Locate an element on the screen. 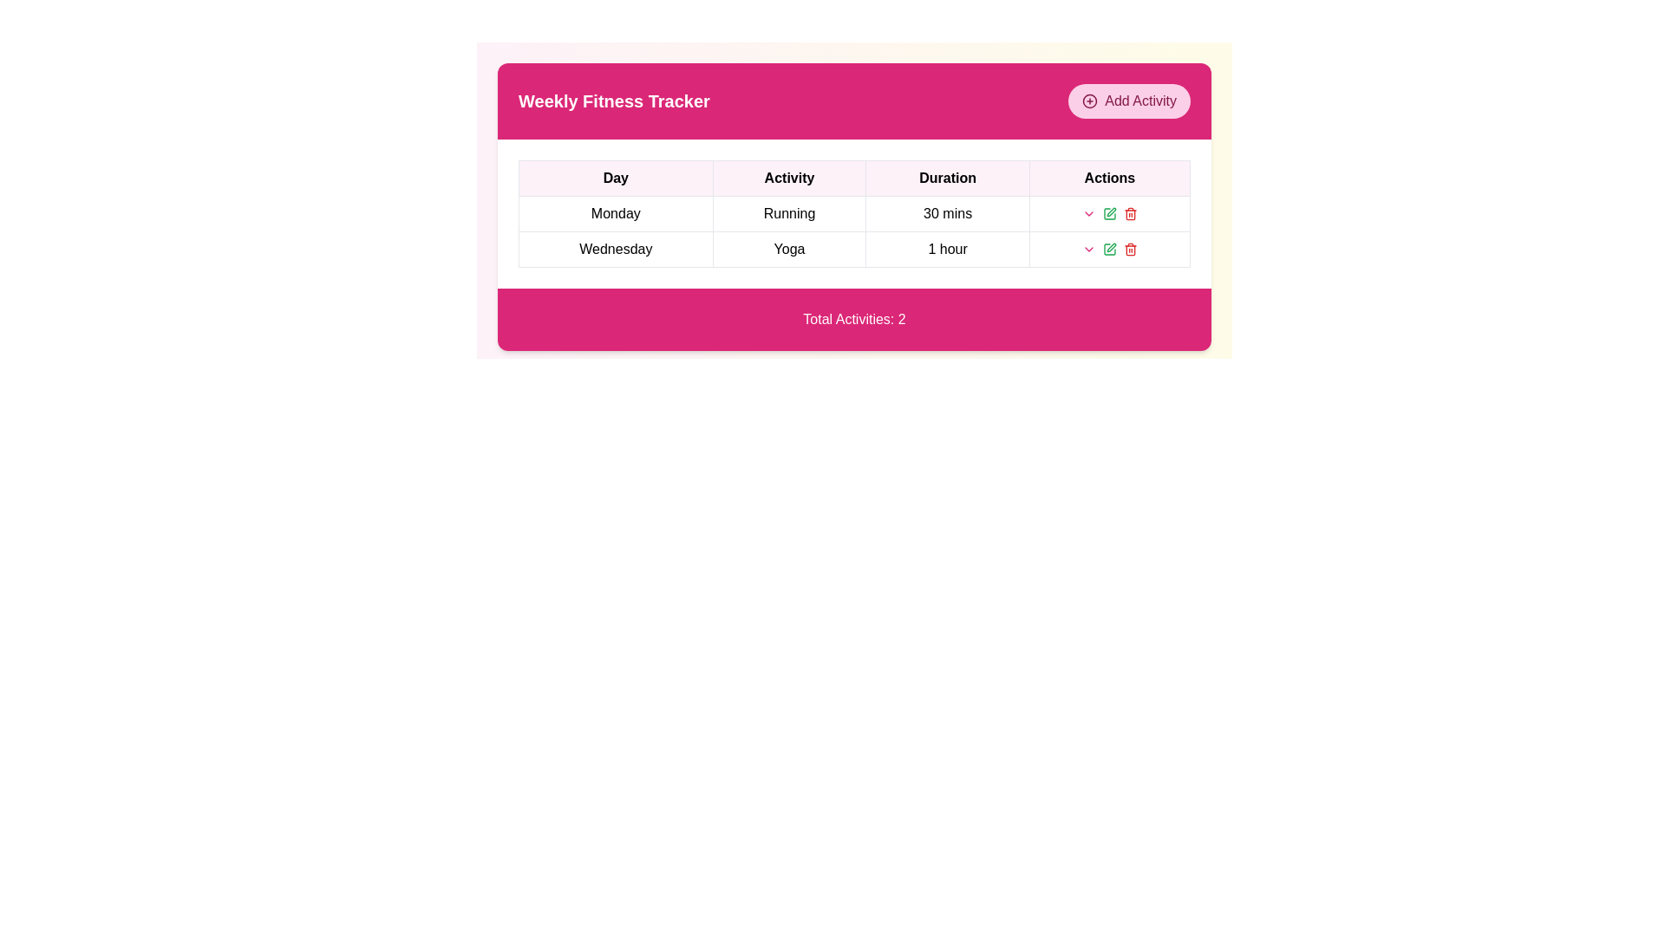  the text label displaying '30 mins' for the 'Running' activity on 'Monday', located in the 'Duration' column of the first row of the table is located at coordinates (947, 212).